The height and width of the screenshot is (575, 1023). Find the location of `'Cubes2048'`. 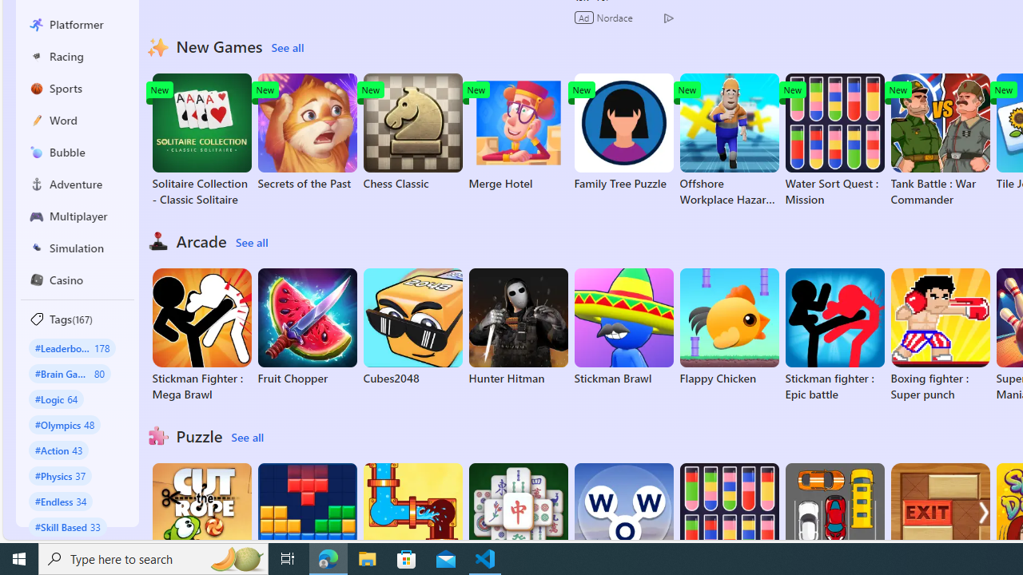

'Cubes2048' is located at coordinates (412, 327).